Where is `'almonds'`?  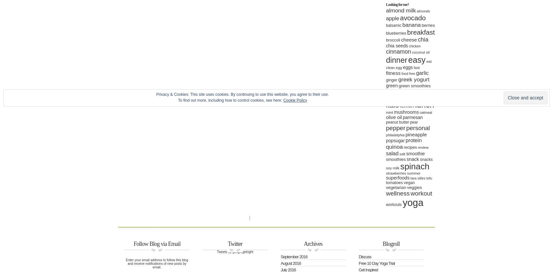
'almonds' is located at coordinates (416, 11).